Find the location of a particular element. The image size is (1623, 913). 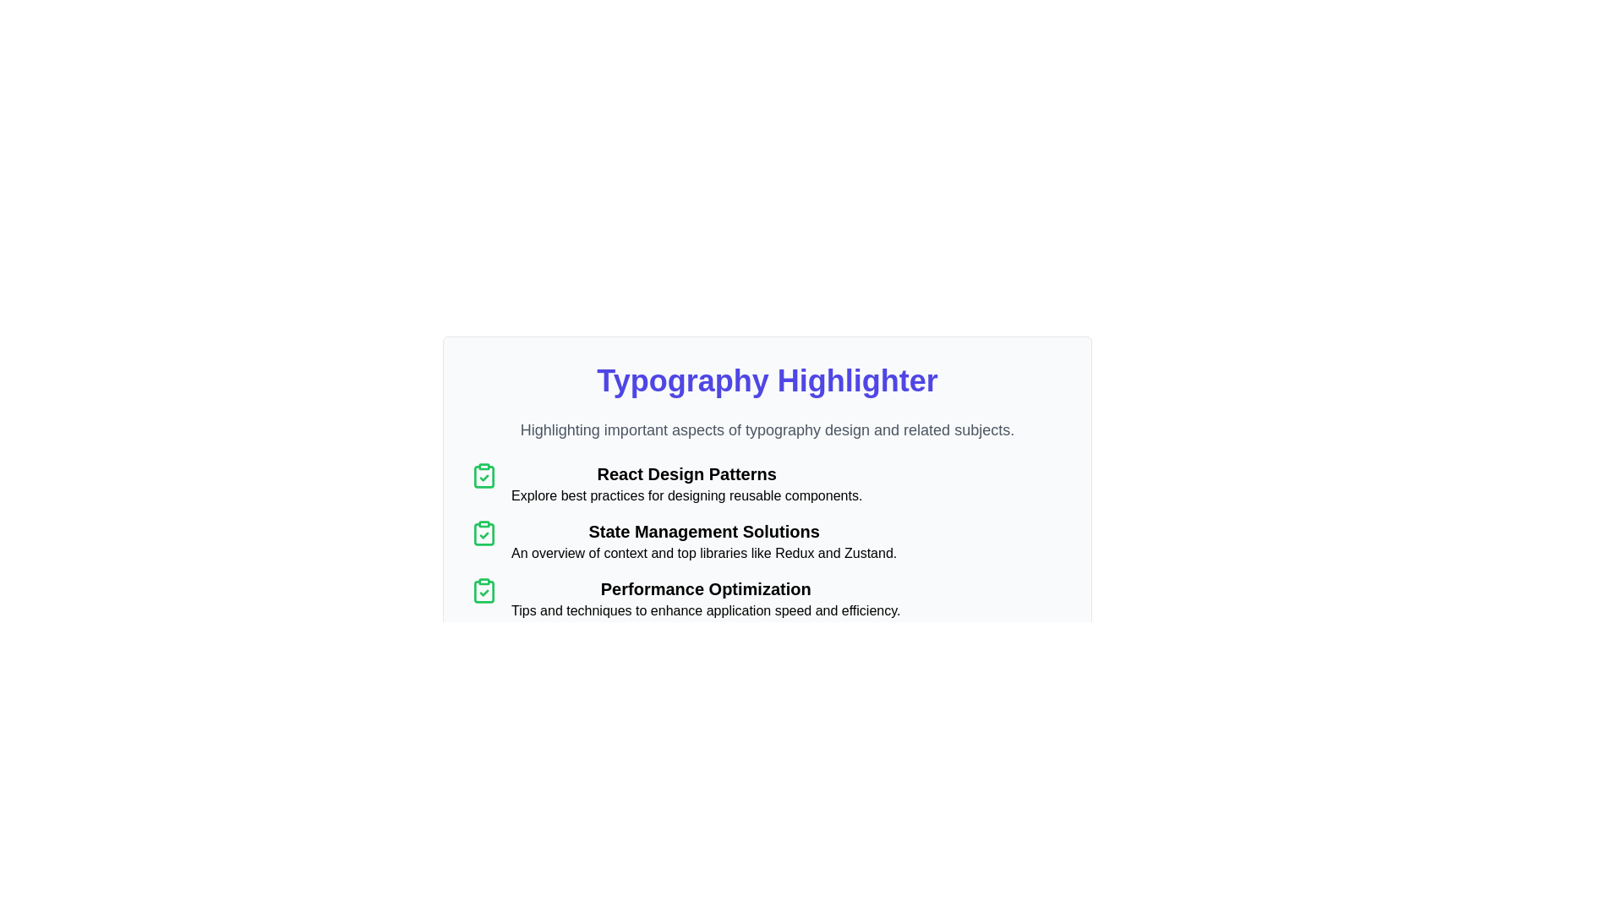

the text element reading 'Tips and techniques to enhance application speed and efficiency.' which is located directly below the heading 'Performance Optimization.' is located at coordinates (706, 610).